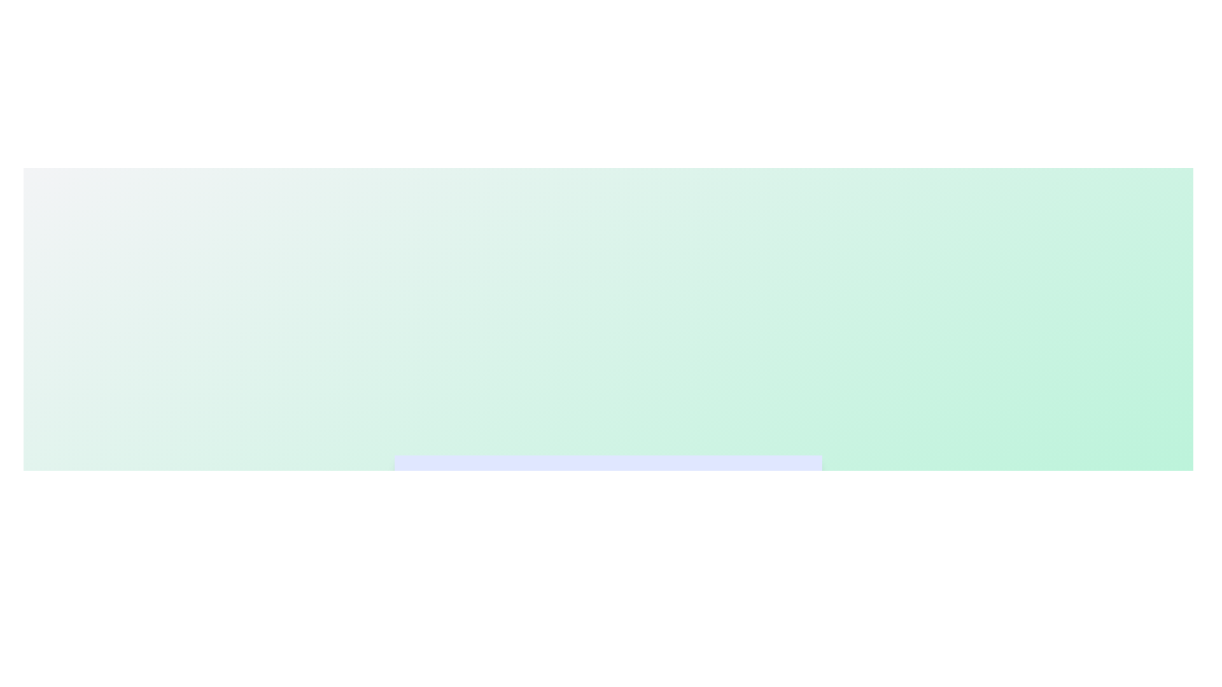 The height and width of the screenshot is (687, 1222). I want to click on the Reports tab by clicking on it, so click(740, 487).